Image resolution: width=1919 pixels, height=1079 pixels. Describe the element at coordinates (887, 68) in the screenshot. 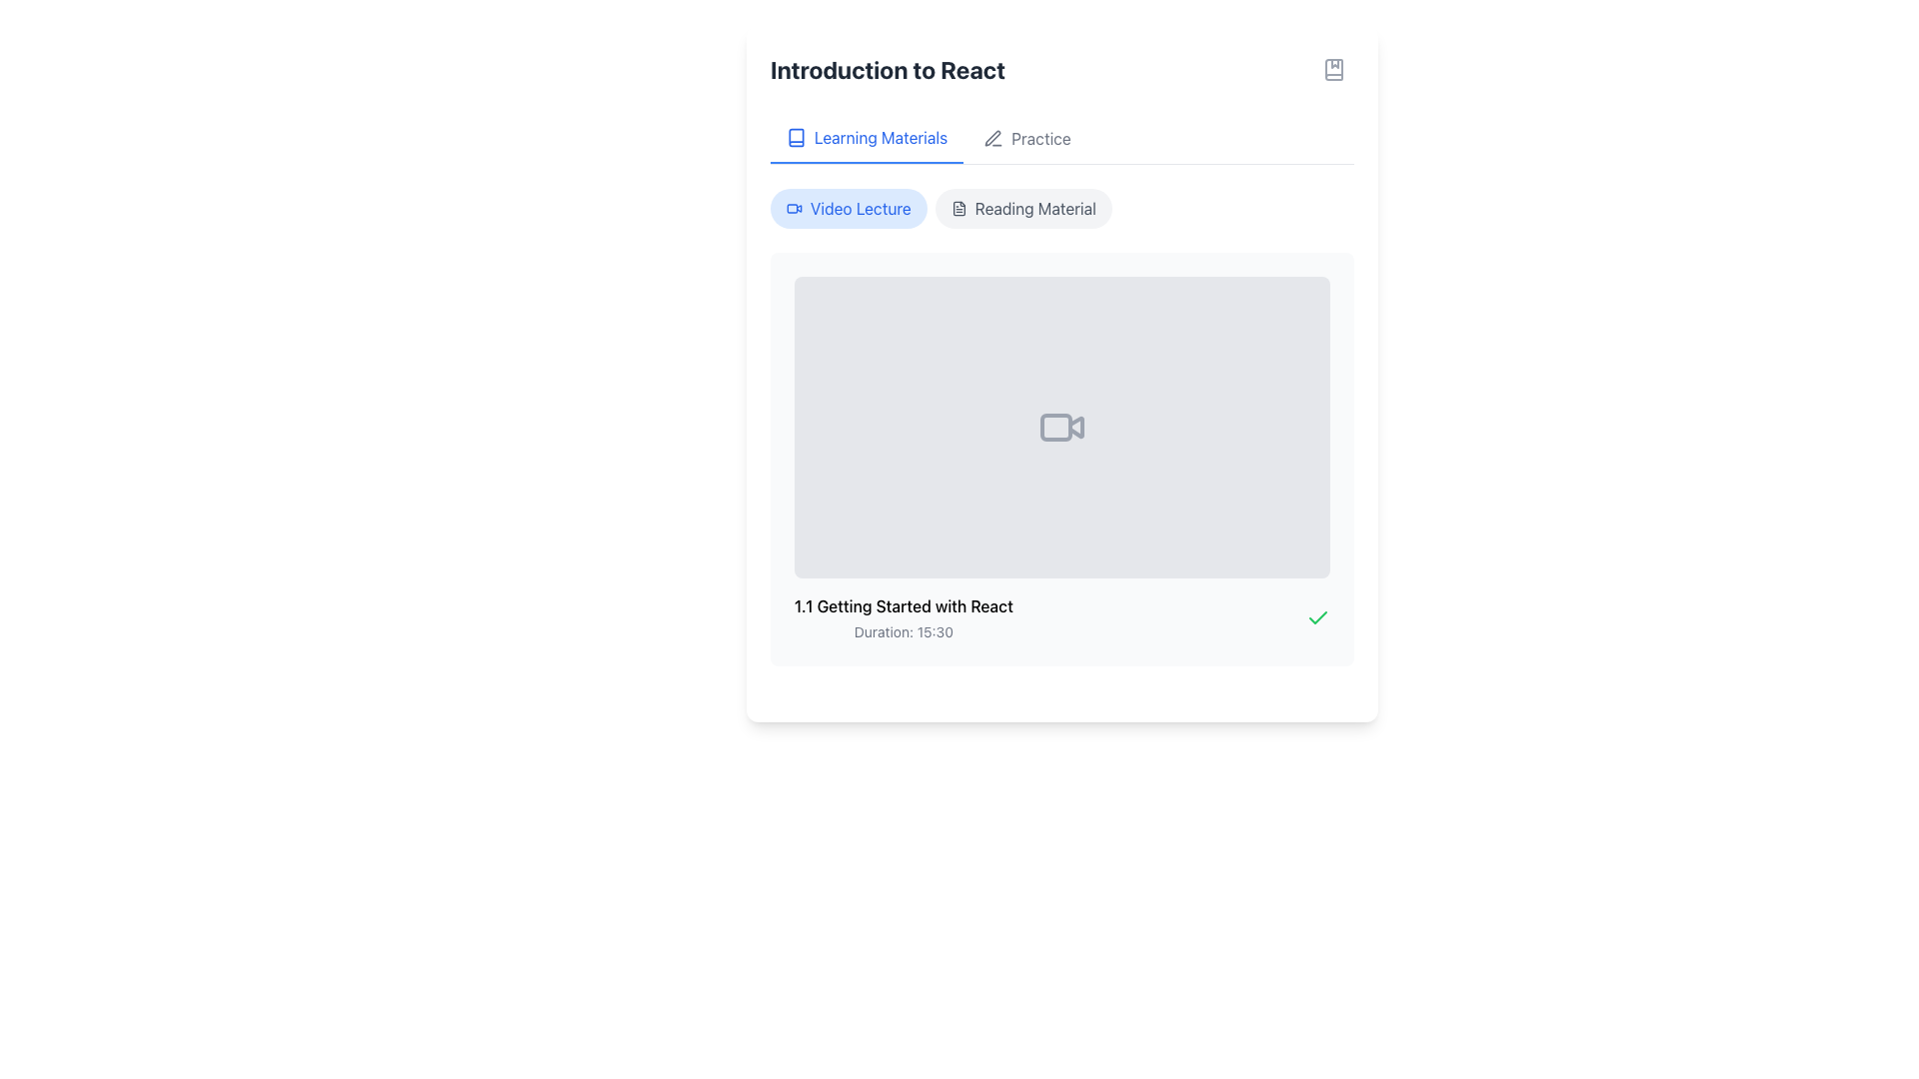

I see `bold text label displaying 'Introduction to React' at the top-left of the section` at that location.